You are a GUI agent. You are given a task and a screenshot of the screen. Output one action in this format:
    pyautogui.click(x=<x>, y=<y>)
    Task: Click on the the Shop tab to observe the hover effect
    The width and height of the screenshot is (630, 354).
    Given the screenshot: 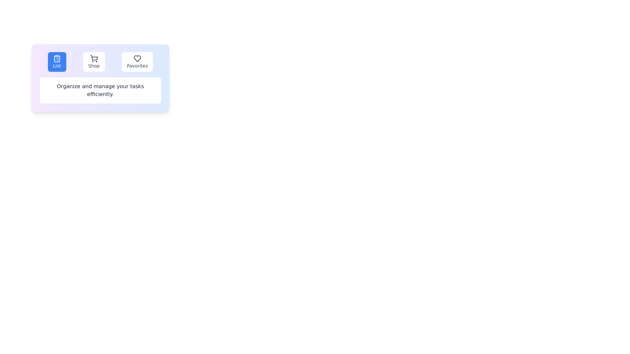 What is the action you would take?
    pyautogui.click(x=94, y=62)
    